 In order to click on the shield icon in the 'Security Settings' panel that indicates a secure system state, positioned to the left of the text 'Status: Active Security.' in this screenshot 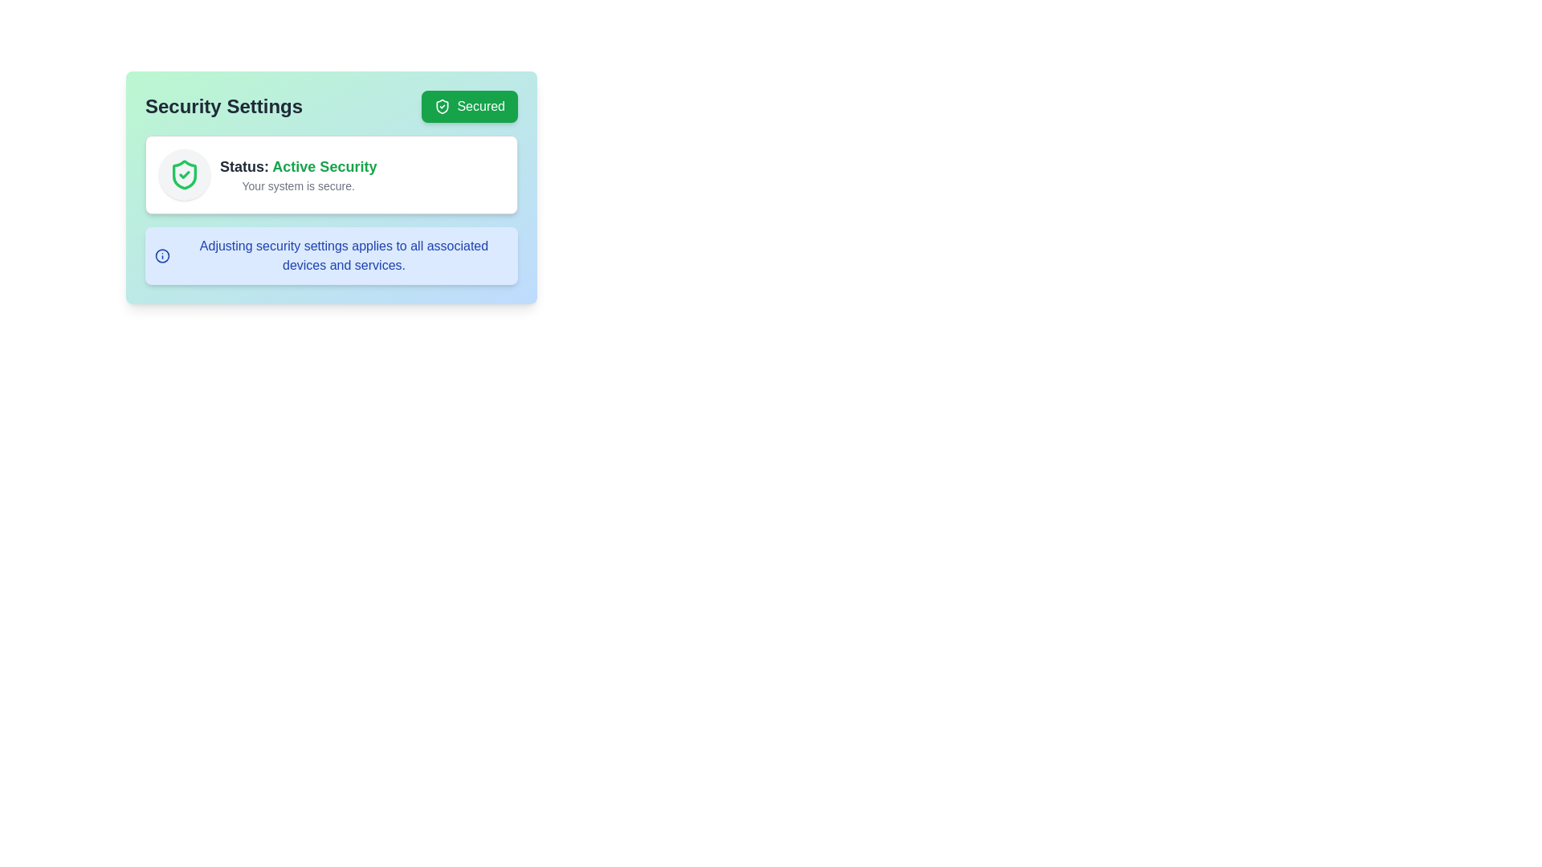, I will do `click(185, 175)`.